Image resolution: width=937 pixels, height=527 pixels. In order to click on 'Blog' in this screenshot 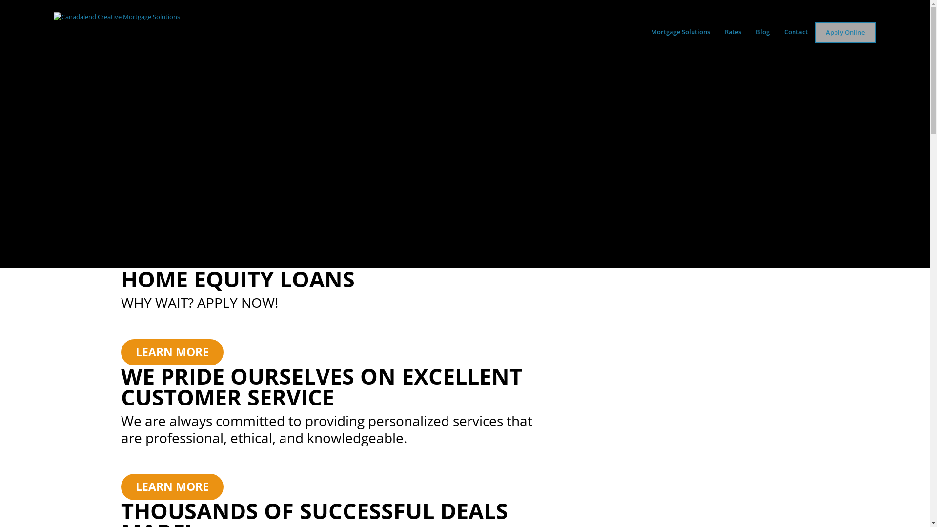, I will do `click(762, 31)`.